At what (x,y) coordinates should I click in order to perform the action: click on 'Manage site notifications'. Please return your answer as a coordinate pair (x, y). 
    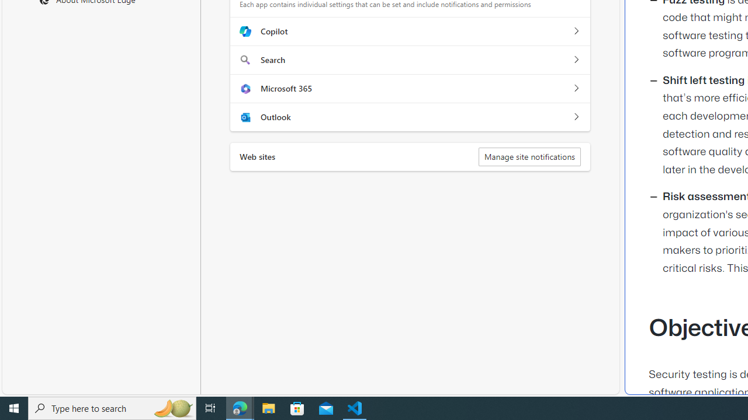
    Looking at the image, I should click on (529, 156).